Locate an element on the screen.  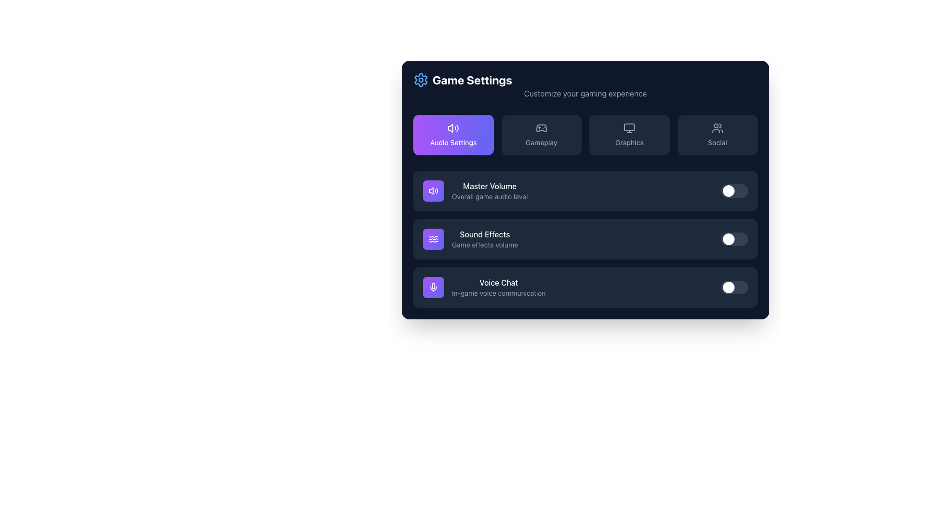
the second button in the horizontal grid of four buttons is located at coordinates (541, 135).